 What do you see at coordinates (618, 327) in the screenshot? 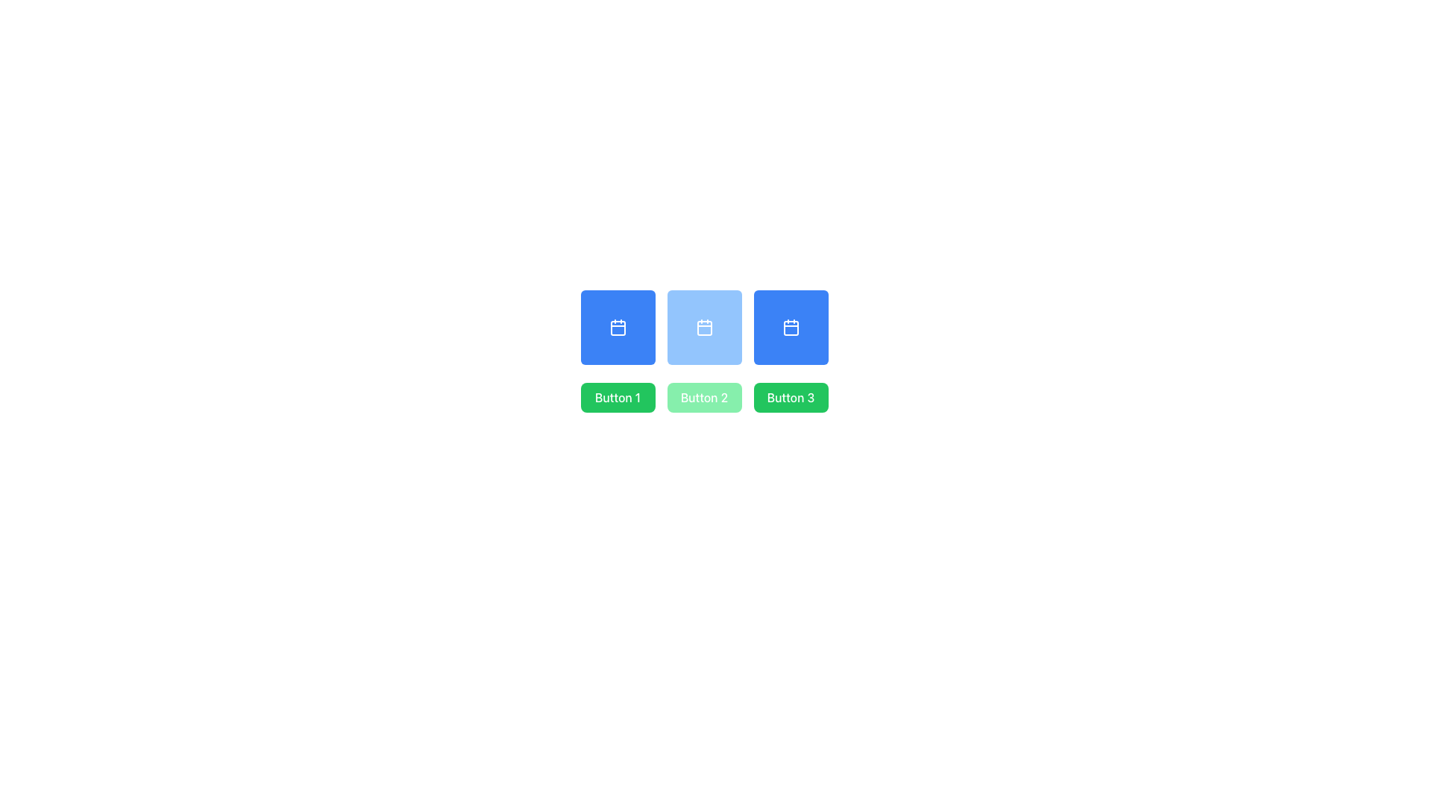
I see `properties of the central rectangular decorative SVG element within the calendar icon located in the leftmost card at the top of the interface` at bounding box center [618, 327].